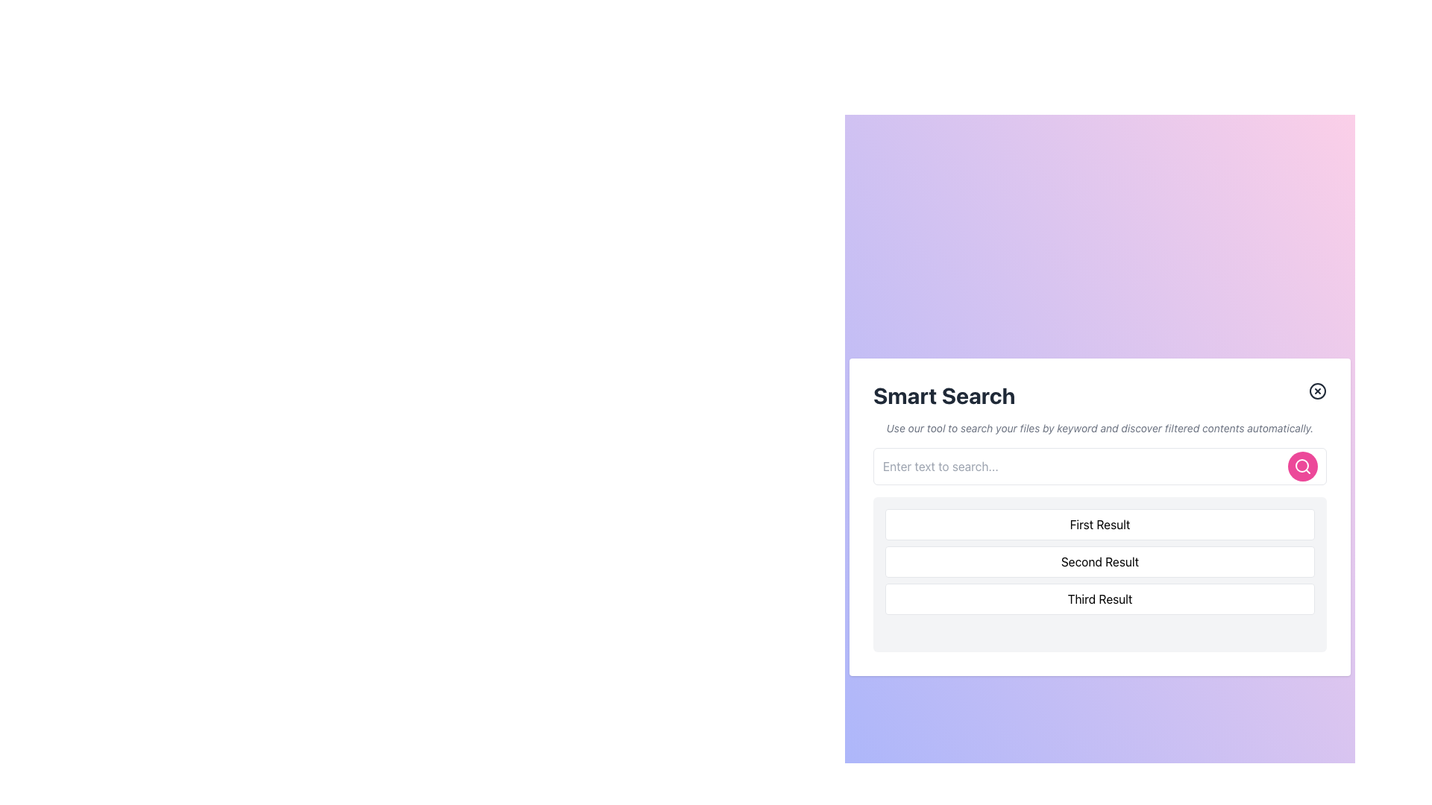 This screenshot has width=1432, height=805. What do you see at coordinates (943, 395) in the screenshot?
I see `the bold, large-sized text label reading 'Smart Search', which is located in the upper-left area of the interface, slightly to the left of the close button` at bounding box center [943, 395].